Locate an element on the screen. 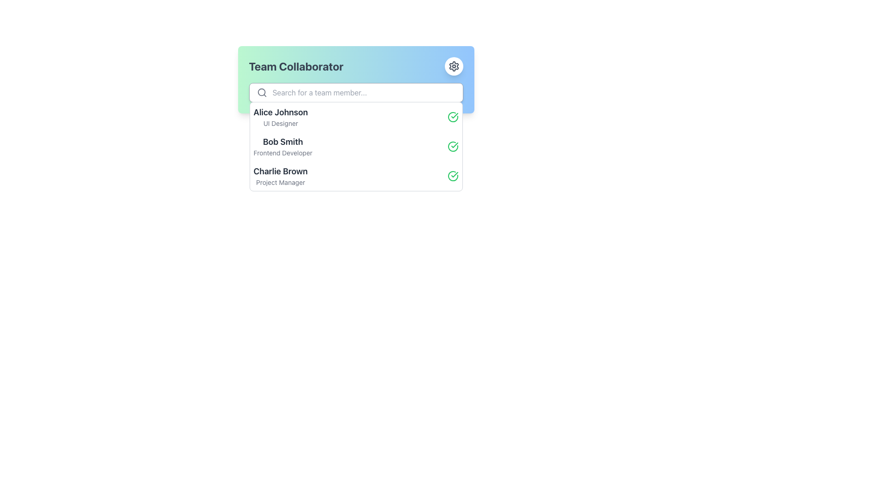  the settings icon located at the top-right corner of the blue bar, next to the 'Team Collaborator' header is located at coordinates (454, 65).